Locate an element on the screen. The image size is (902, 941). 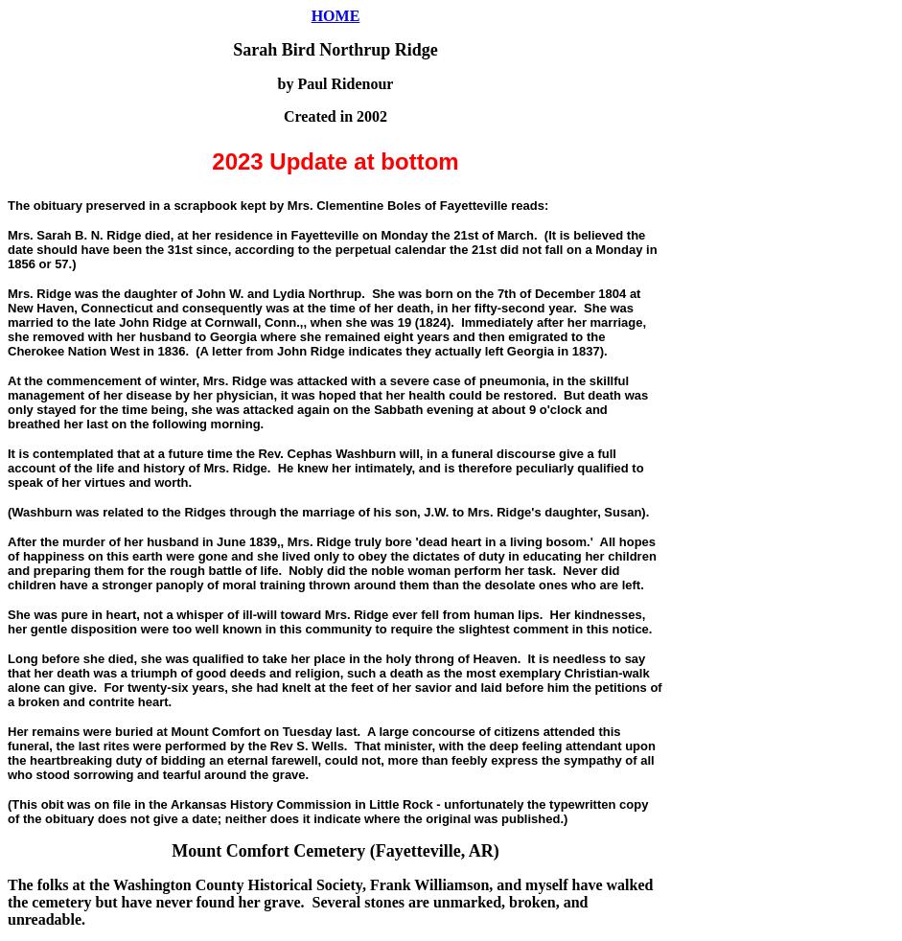
'(Washburn

was related to the Ridges through the marriage of his son, J.W.

to Mrs. Ridge's daughter, Susan).' is located at coordinates (327, 511).